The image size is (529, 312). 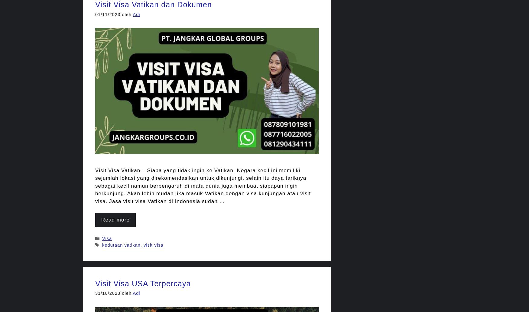 I want to click on 'Visit Visa USA Terpercaya', so click(x=143, y=283).